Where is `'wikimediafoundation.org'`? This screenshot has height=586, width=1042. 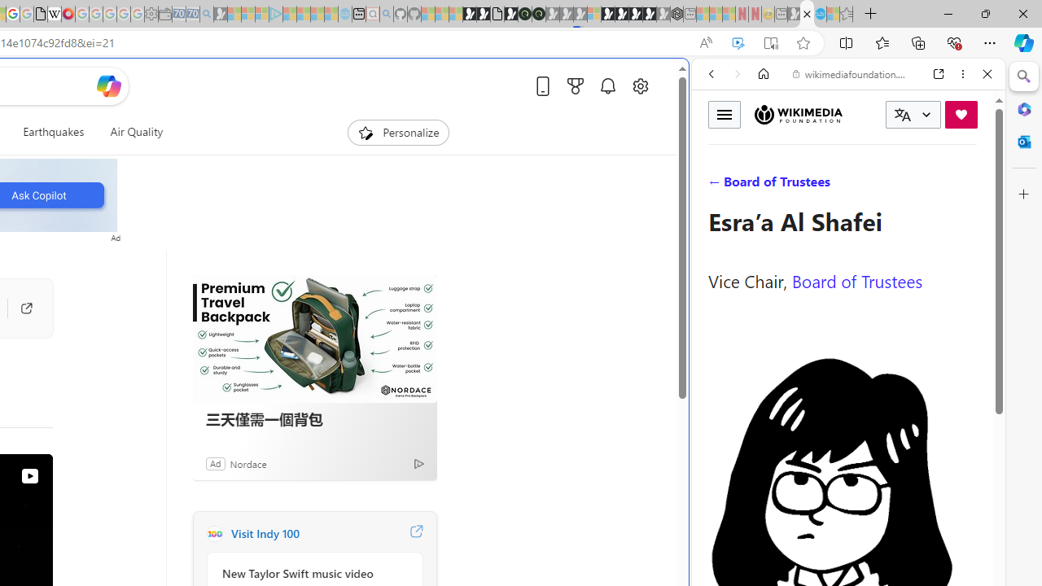
'wikimediafoundation.org' is located at coordinates (851, 74).